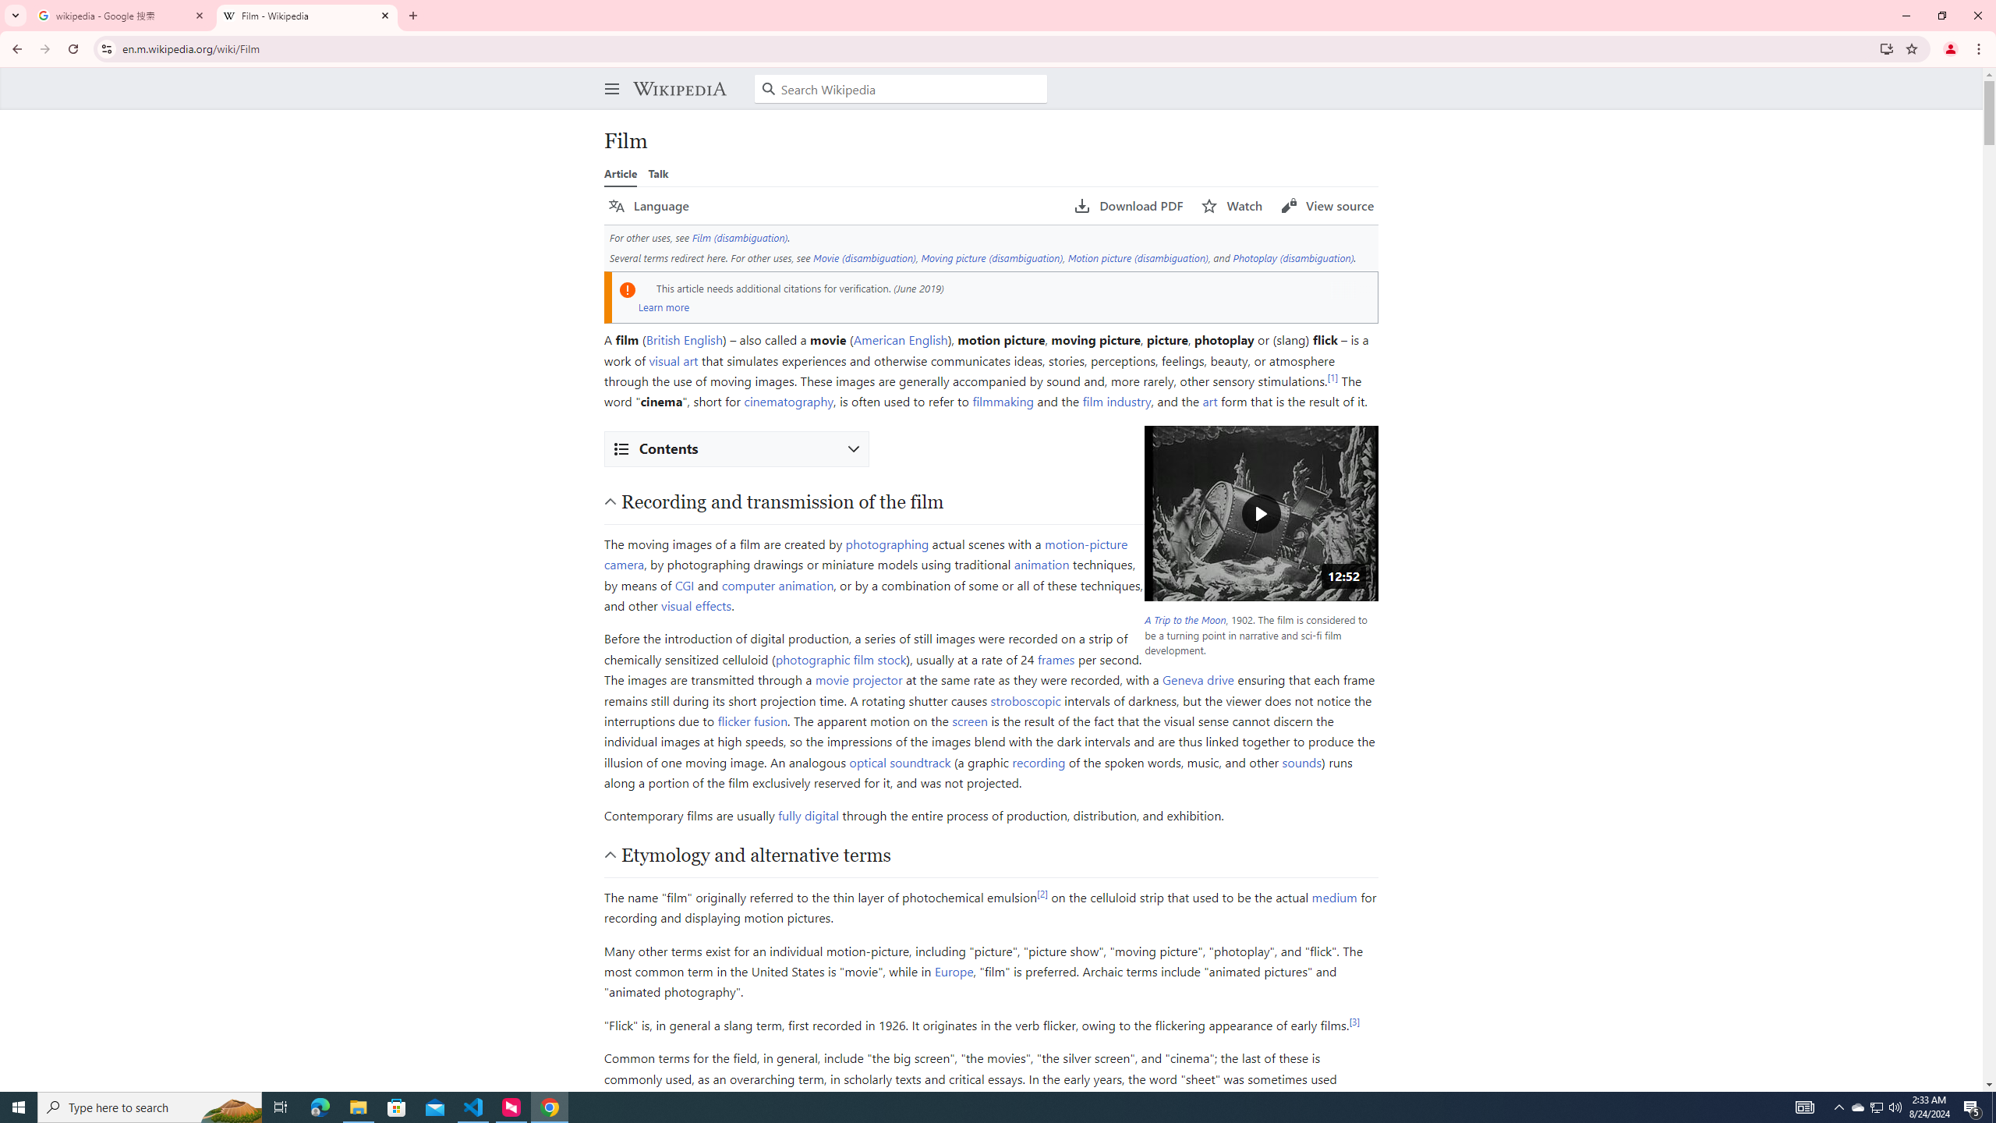 The image size is (1996, 1123). Describe the element at coordinates (953, 971) in the screenshot. I see `'Europe'` at that location.